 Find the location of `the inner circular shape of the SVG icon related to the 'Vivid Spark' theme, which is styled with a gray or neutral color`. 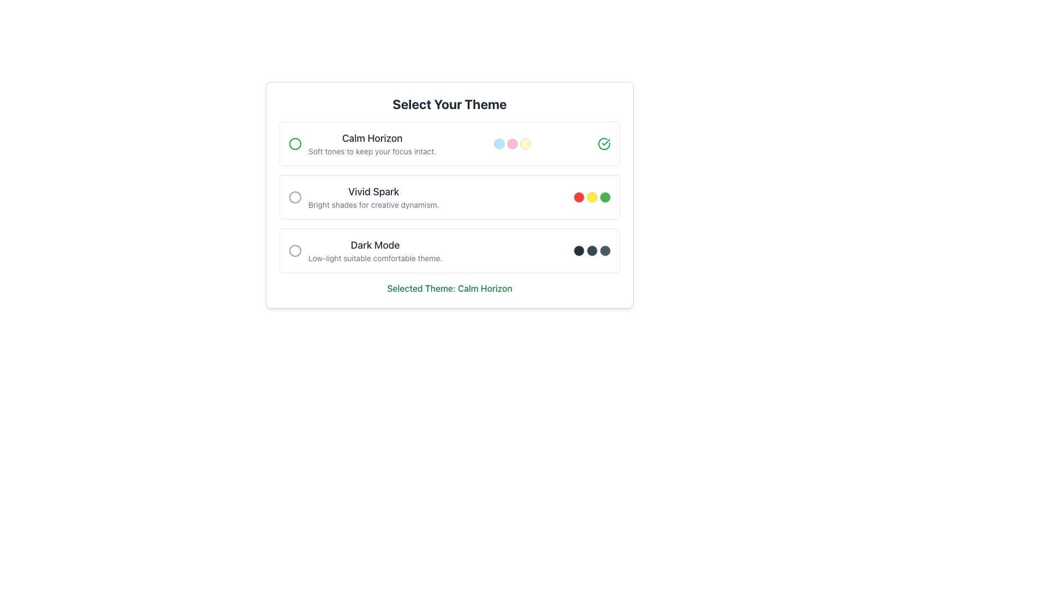

the inner circular shape of the SVG icon related to the 'Vivid Spark' theme, which is styled with a gray or neutral color is located at coordinates (295, 197).